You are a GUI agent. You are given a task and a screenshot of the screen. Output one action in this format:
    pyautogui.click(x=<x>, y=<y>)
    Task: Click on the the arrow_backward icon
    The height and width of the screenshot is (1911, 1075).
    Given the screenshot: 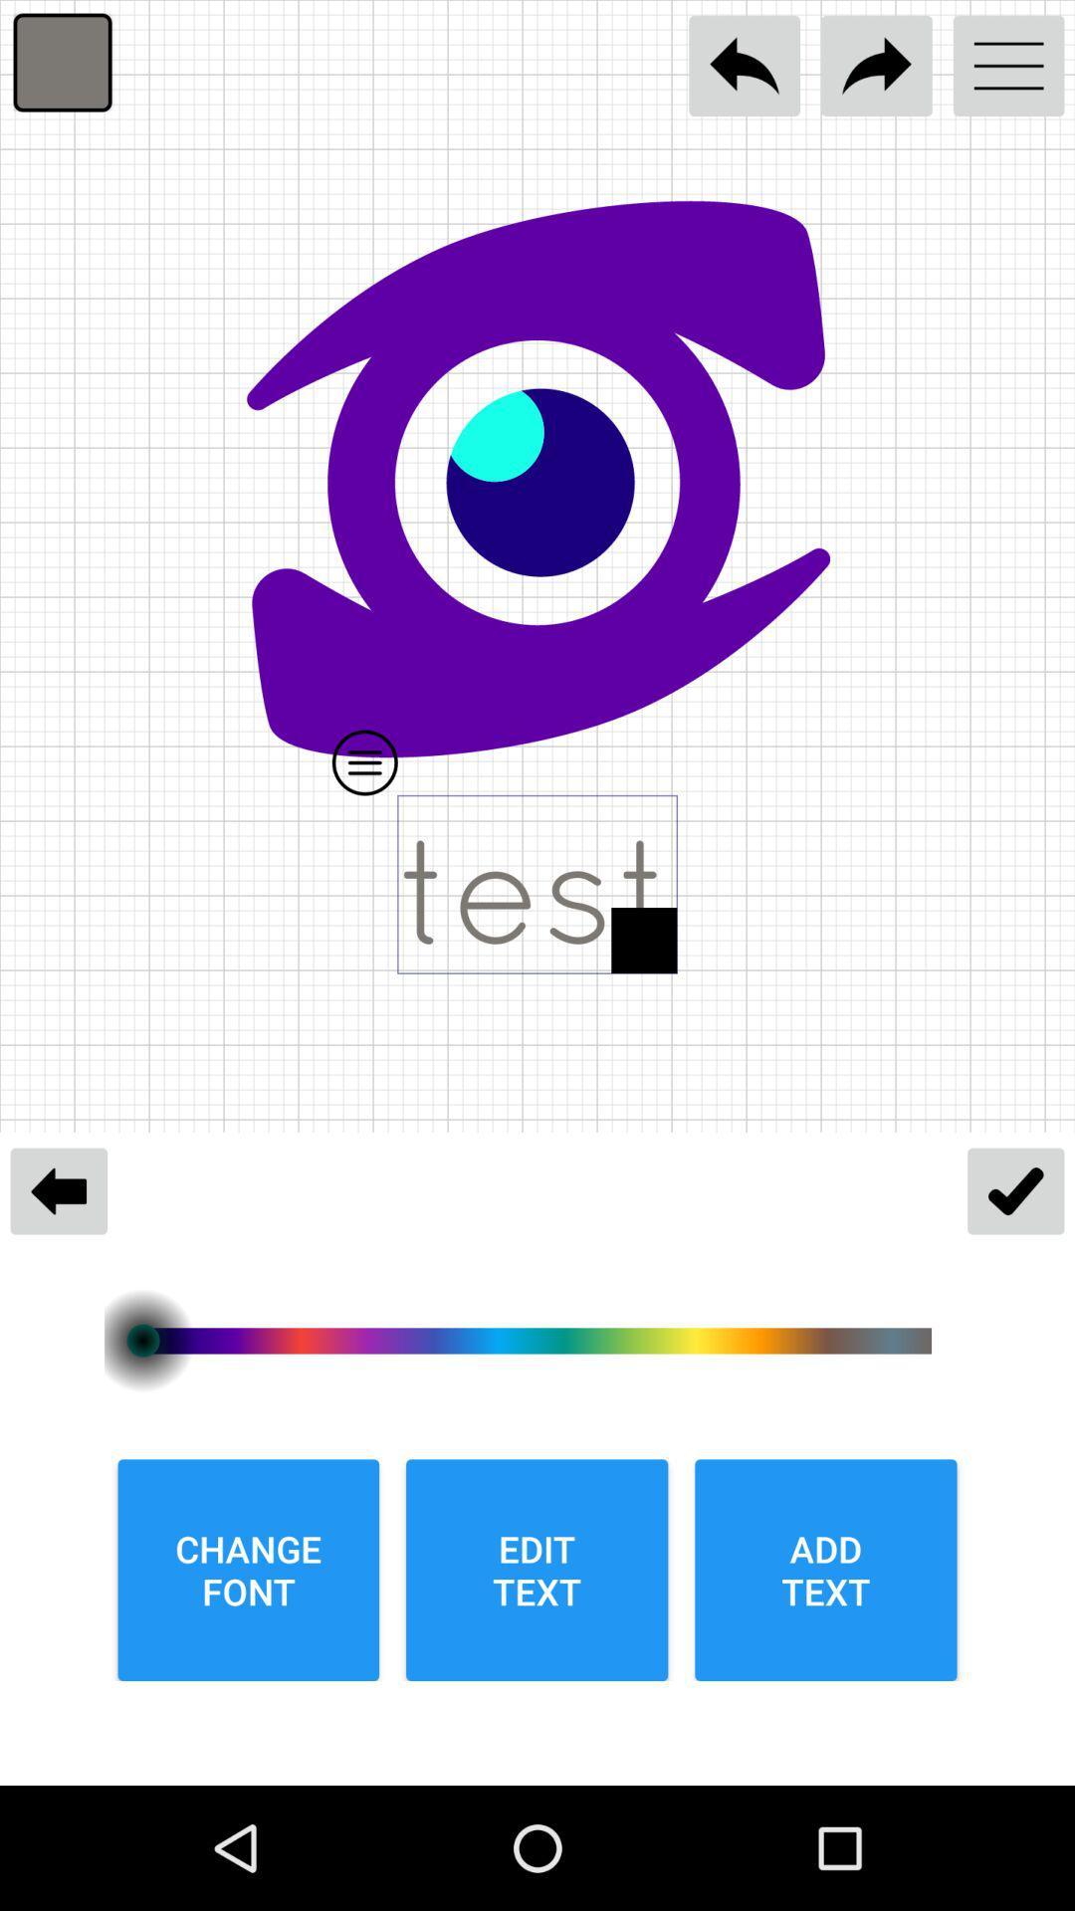 What is the action you would take?
    pyautogui.click(x=58, y=1190)
    